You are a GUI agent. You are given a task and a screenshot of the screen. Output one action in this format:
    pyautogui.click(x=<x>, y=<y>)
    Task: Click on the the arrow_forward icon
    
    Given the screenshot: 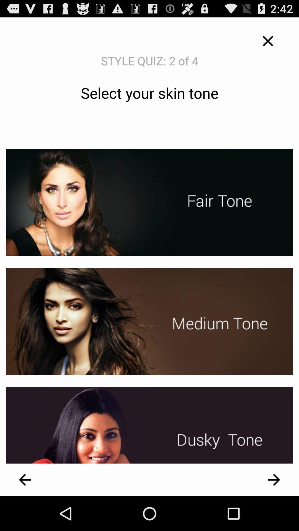 What is the action you would take?
    pyautogui.click(x=274, y=513)
    